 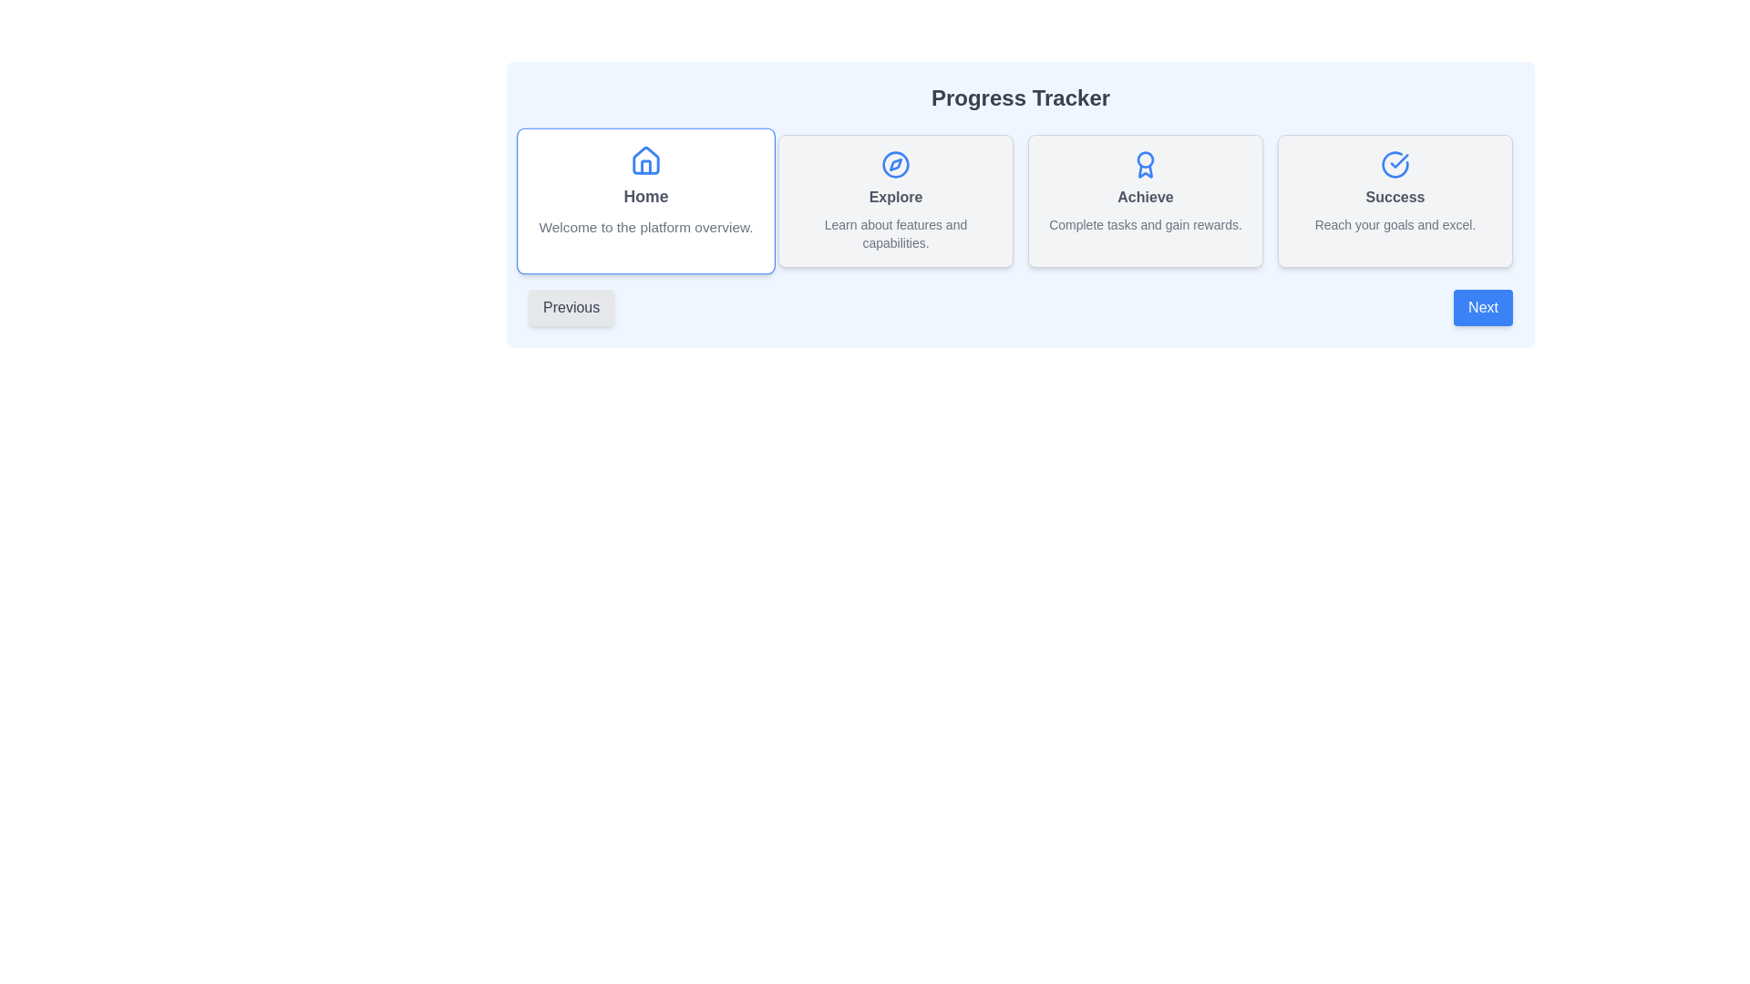 What do you see at coordinates (896, 165) in the screenshot?
I see `the blue compass icon located at the center-top of the 'Explore' box, which is above the 'Explore' text` at bounding box center [896, 165].